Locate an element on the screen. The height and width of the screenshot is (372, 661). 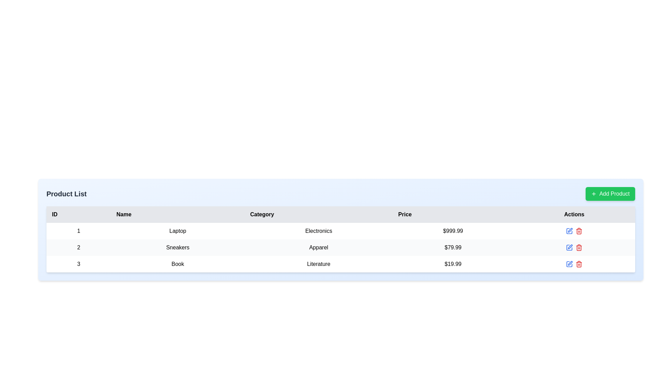
the blue pencil icon in the Actions column of the last row of the table is located at coordinates (574, 264).